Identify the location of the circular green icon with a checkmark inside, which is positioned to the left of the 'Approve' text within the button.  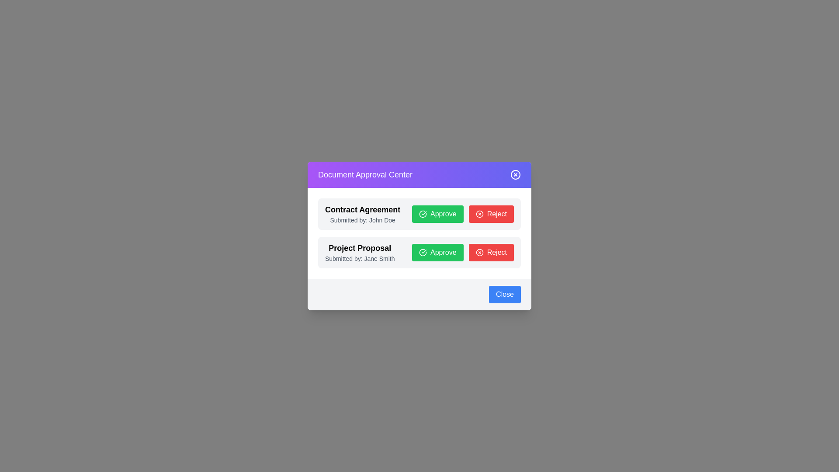
(423, 214).